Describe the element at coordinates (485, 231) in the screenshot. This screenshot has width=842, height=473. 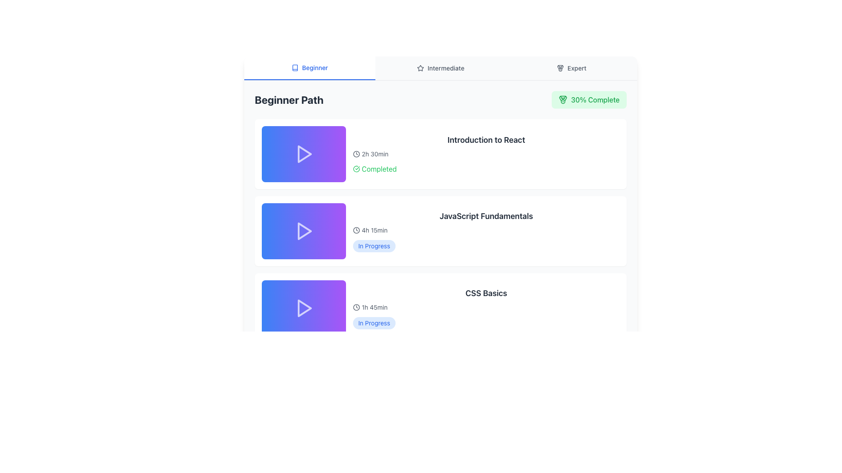
I see `the course entry card displaying 'JavaScript Fundamentals', which shows the duration '4h 15min' and the progress status 'In Progress'. This card is the second item in the vertical list of courses` at that location.